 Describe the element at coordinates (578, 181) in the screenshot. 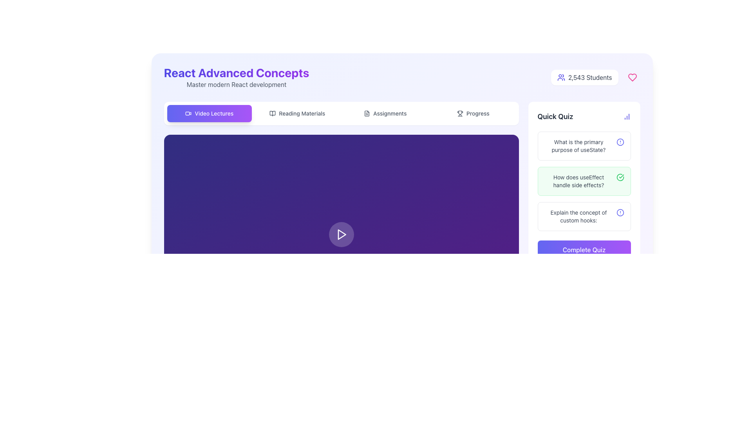

I see `the text label or heading in the 'Quick Quiz' section, which serves as a question prompt for user interaction, located between 'What is the primary purpose of useState?' and 'Explain the concept of custom hooks:'` at that location.